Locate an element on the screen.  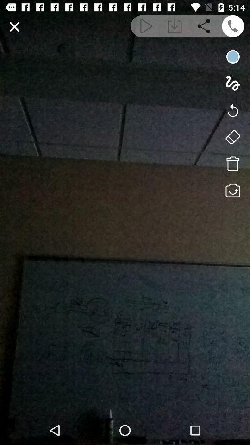
change brush color is located at coordinates (232, 56).